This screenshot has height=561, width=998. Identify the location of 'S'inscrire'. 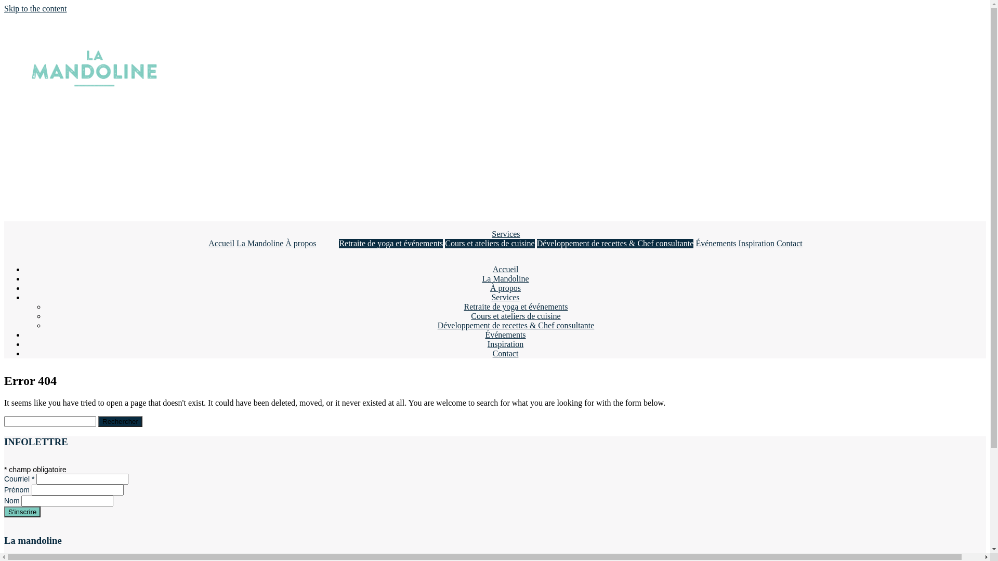
(22, 511).